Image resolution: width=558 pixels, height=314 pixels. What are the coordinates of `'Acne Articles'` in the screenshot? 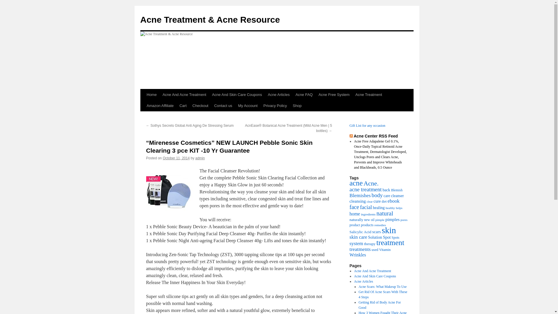 It's located at (278, 94).